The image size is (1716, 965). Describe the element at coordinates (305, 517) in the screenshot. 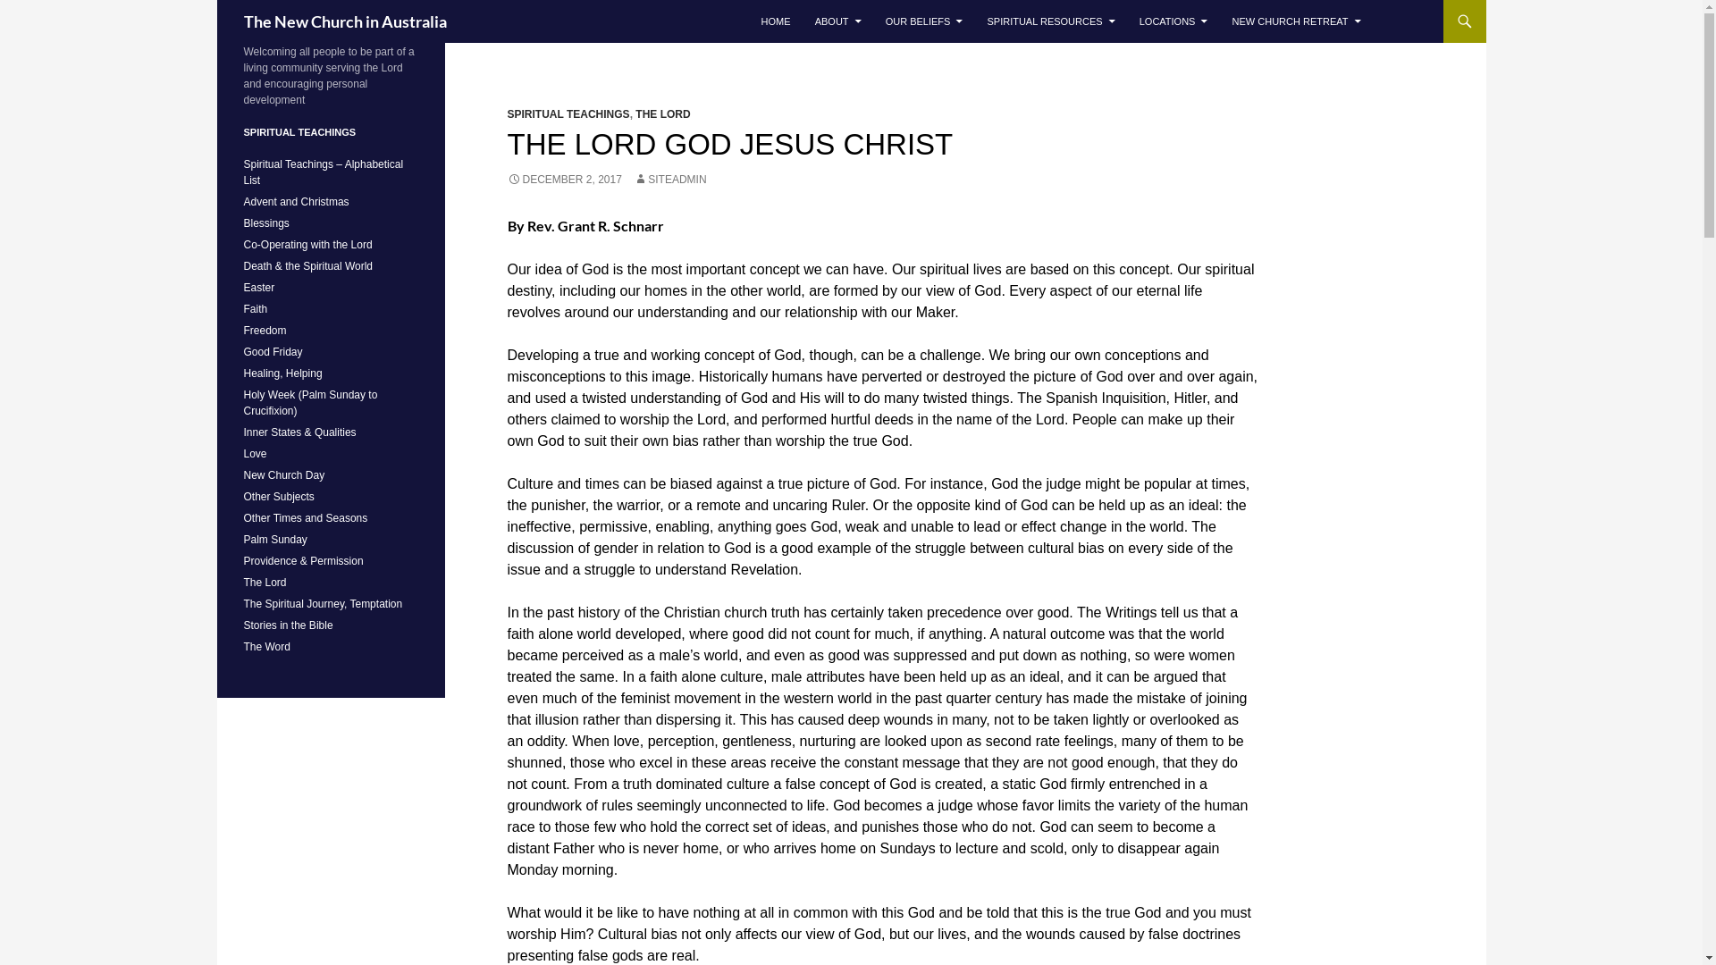

I see `'Other Times and Seasons'` at that location.